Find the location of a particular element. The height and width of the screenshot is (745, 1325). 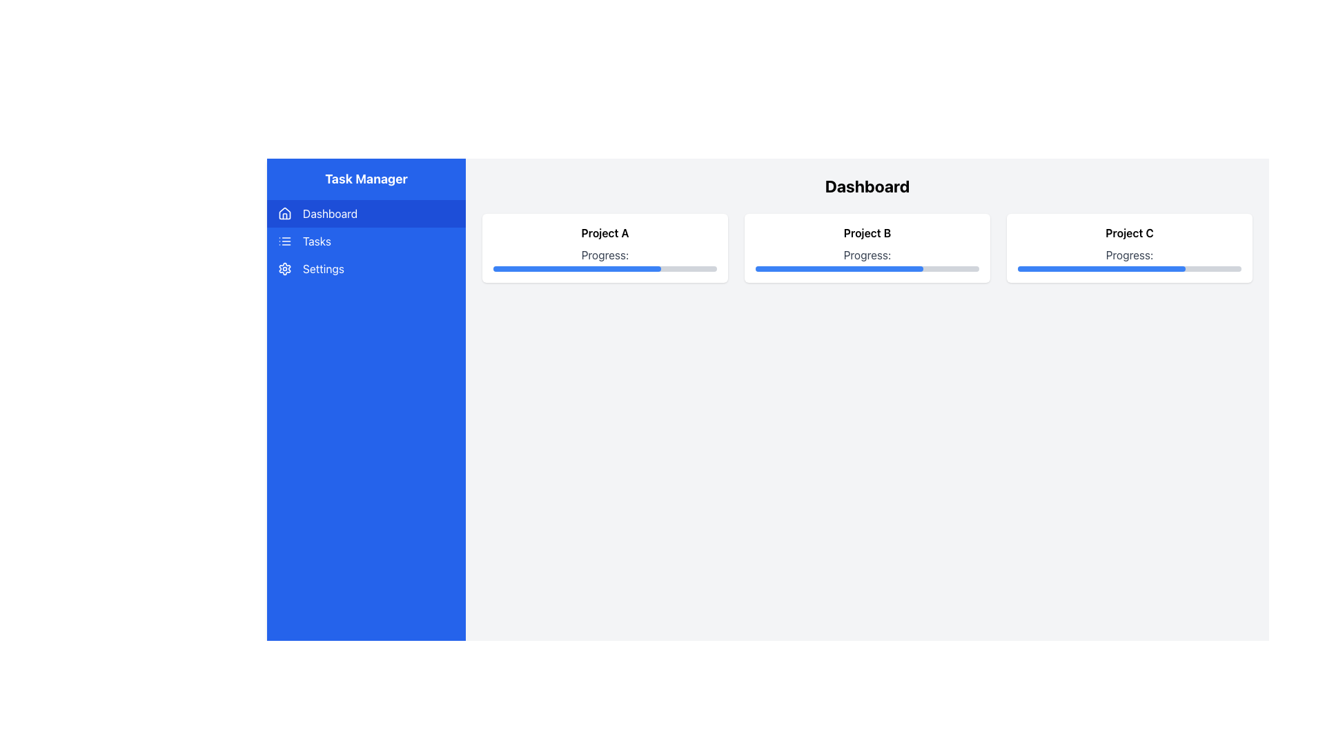

the navigational button for accessing the 'Tasks' section located in the vertical navigation menu on the left side of the interface is located at coordinates (366, 241).